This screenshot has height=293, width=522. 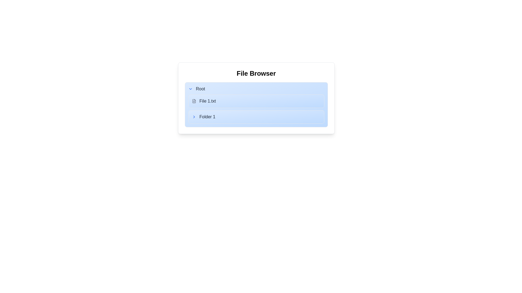 What do you see at coordinates (194, 117) in the screenshot?
I see `the chevron icon located to the left of the 'Folder 1' label` at bounding box center [194, 117].